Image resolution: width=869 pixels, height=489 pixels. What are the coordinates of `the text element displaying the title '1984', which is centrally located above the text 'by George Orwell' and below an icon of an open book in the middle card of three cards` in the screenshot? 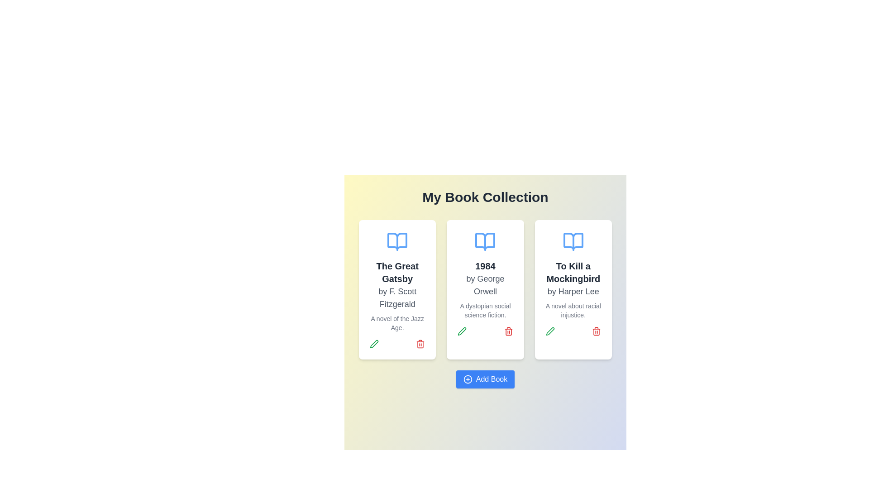 It's located at (485, 265).